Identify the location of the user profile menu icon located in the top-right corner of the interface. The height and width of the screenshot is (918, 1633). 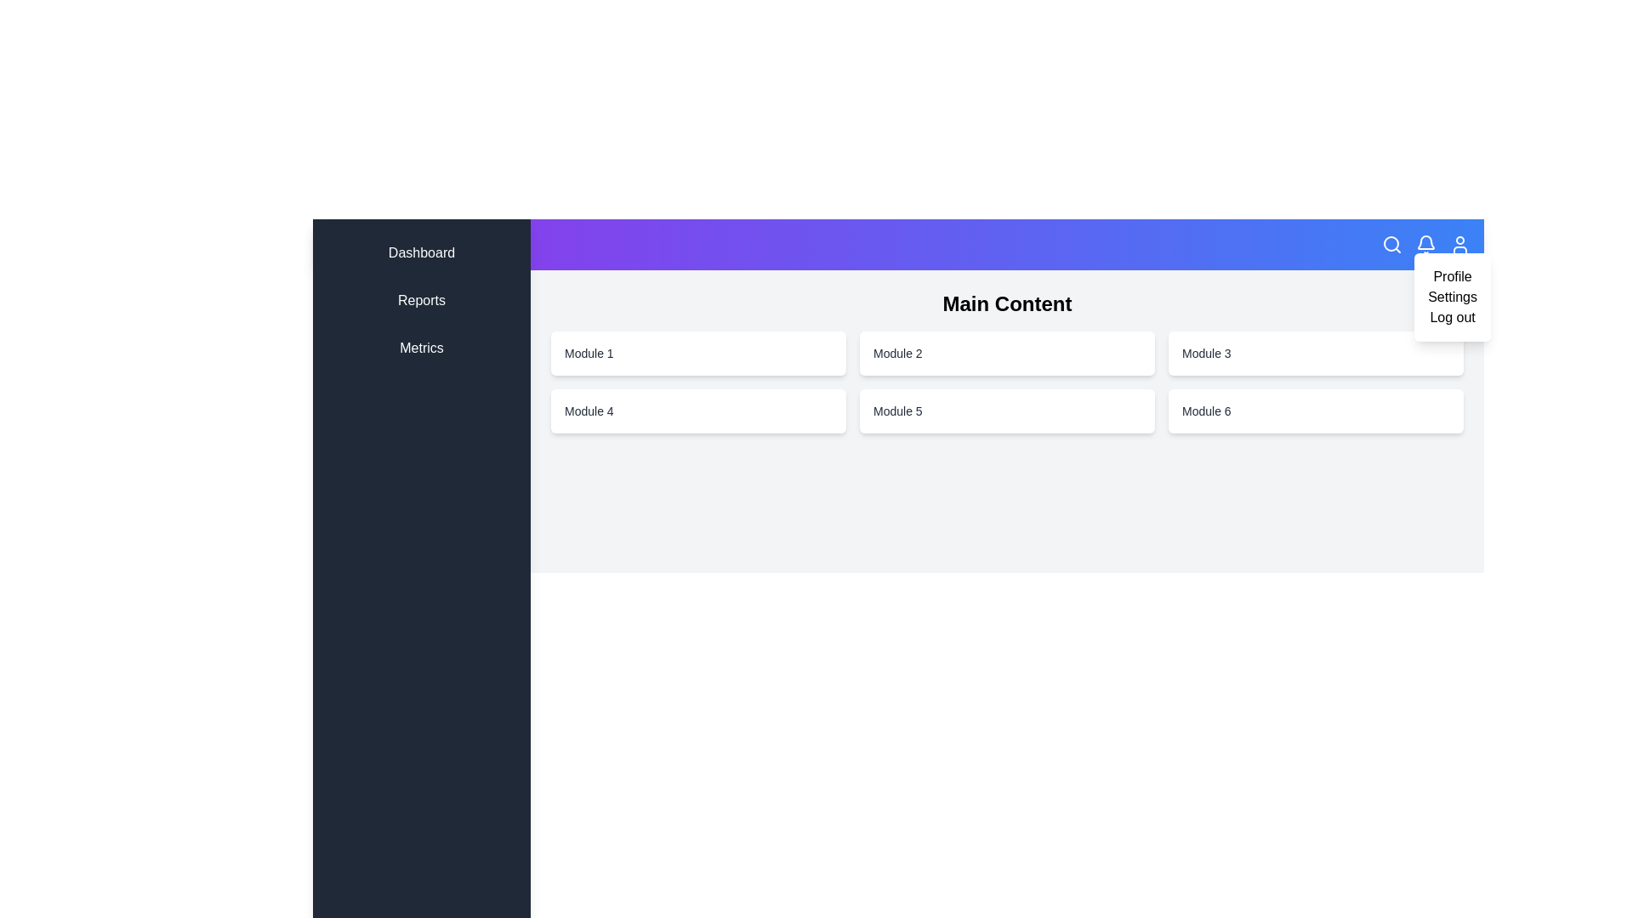
(1459, 245).